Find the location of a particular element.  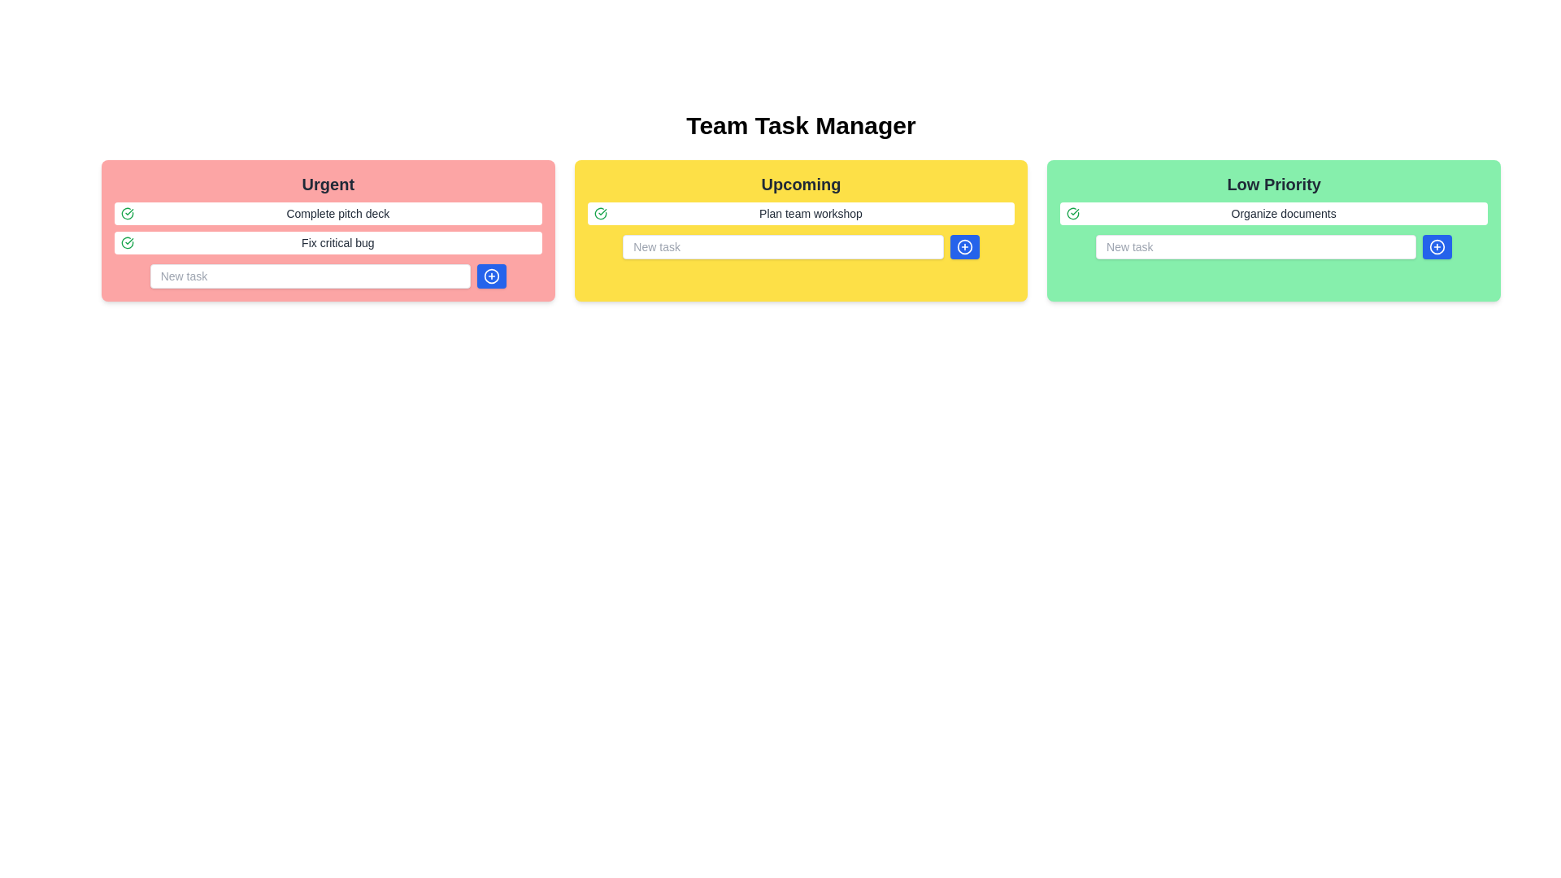

the text label that says 'Fix critical bug' located in the second task row under the 'Urgent' column of the Team Task Manager interface is located at coordinates (337, 243).